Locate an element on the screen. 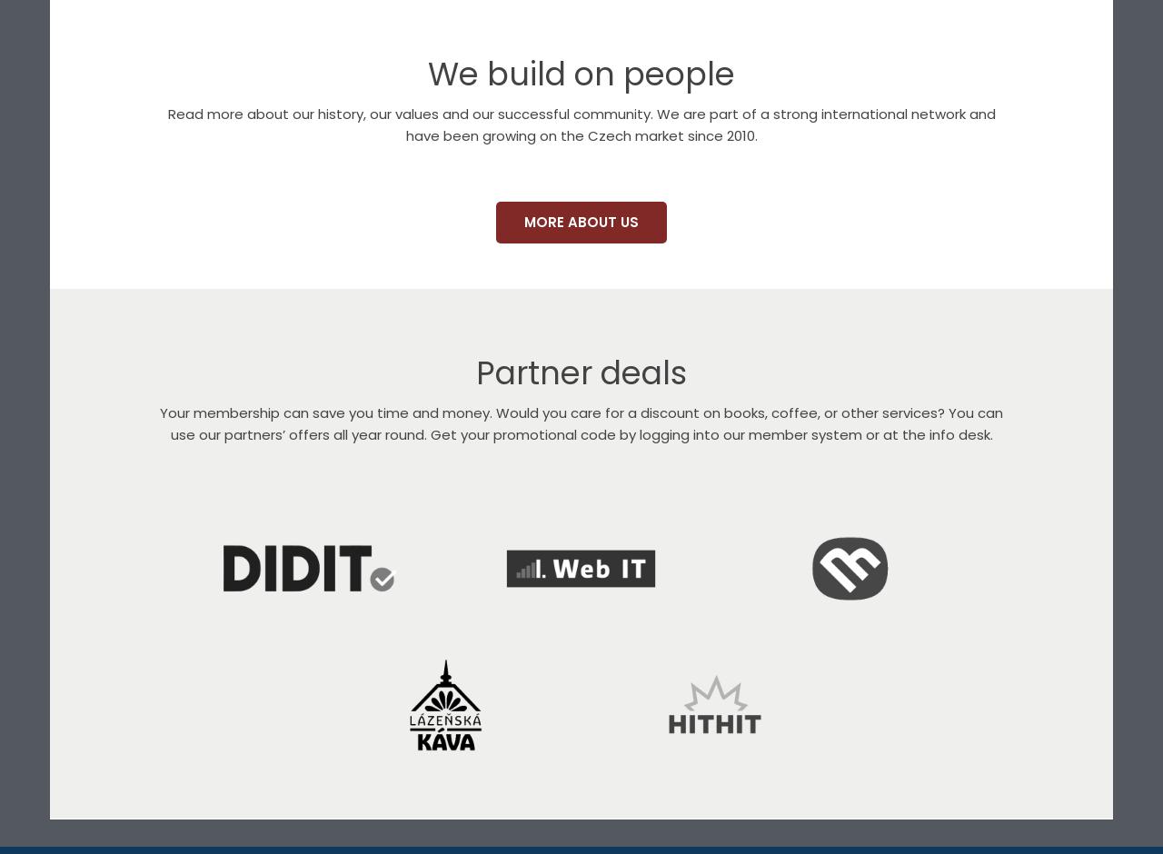  'Free hour of wide variety of assistance services.' is located at coordinates (308, 811).